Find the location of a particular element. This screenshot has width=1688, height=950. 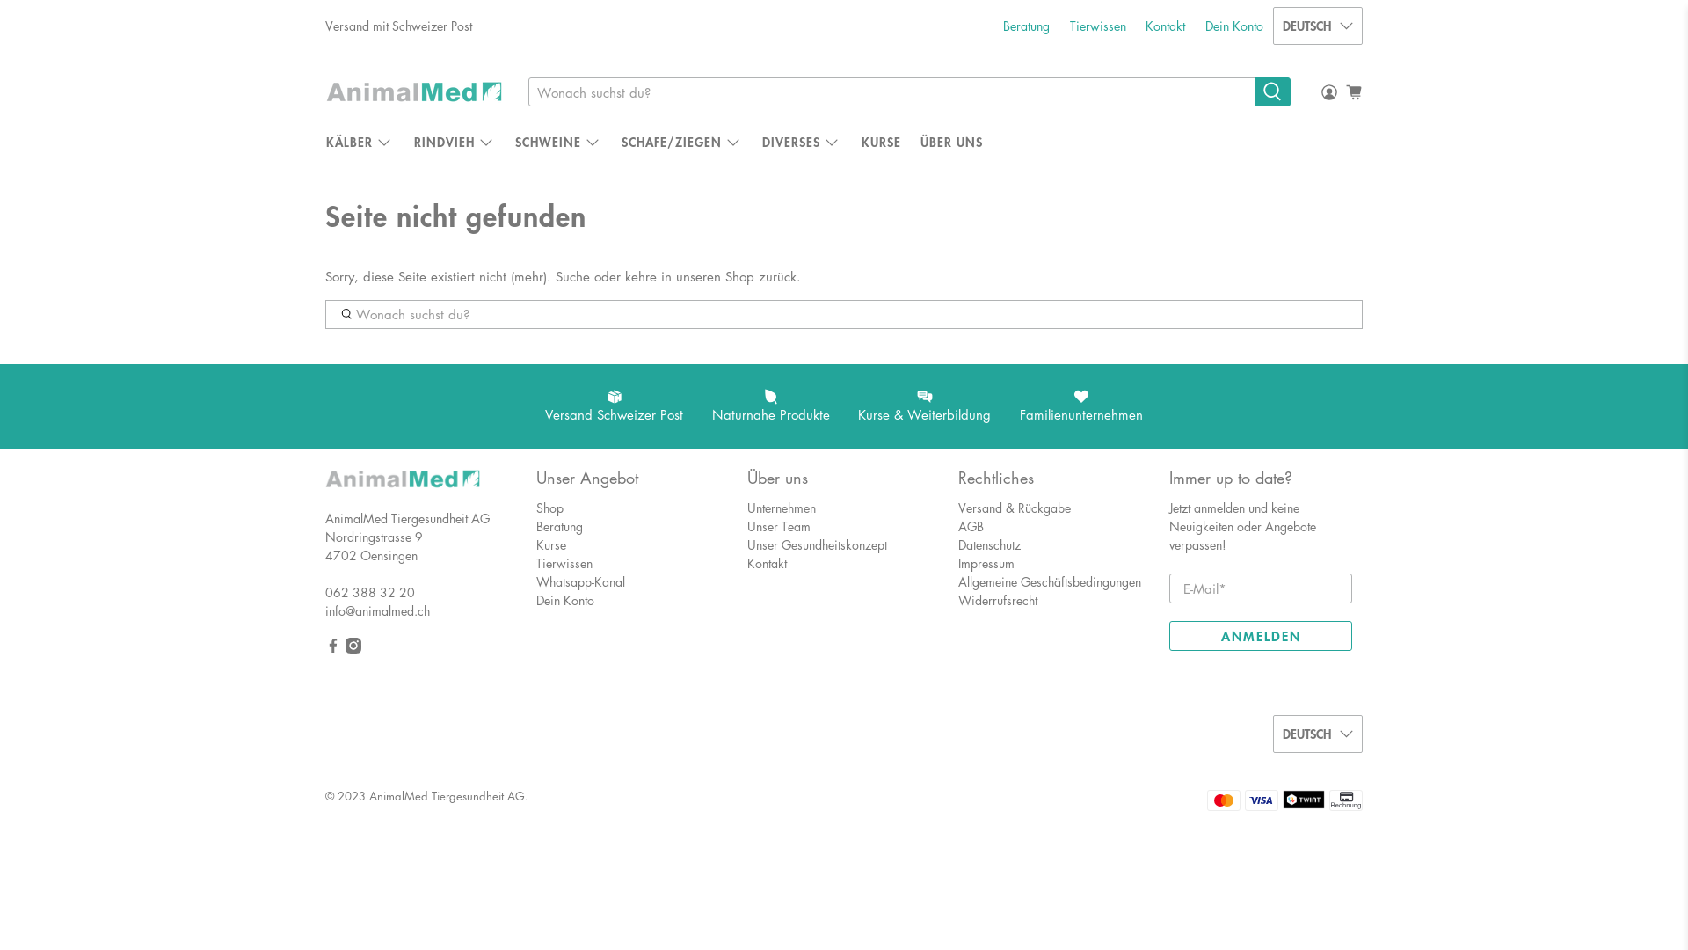

'Kurse & Weiterbildung' is located at coordinates (844, 406).